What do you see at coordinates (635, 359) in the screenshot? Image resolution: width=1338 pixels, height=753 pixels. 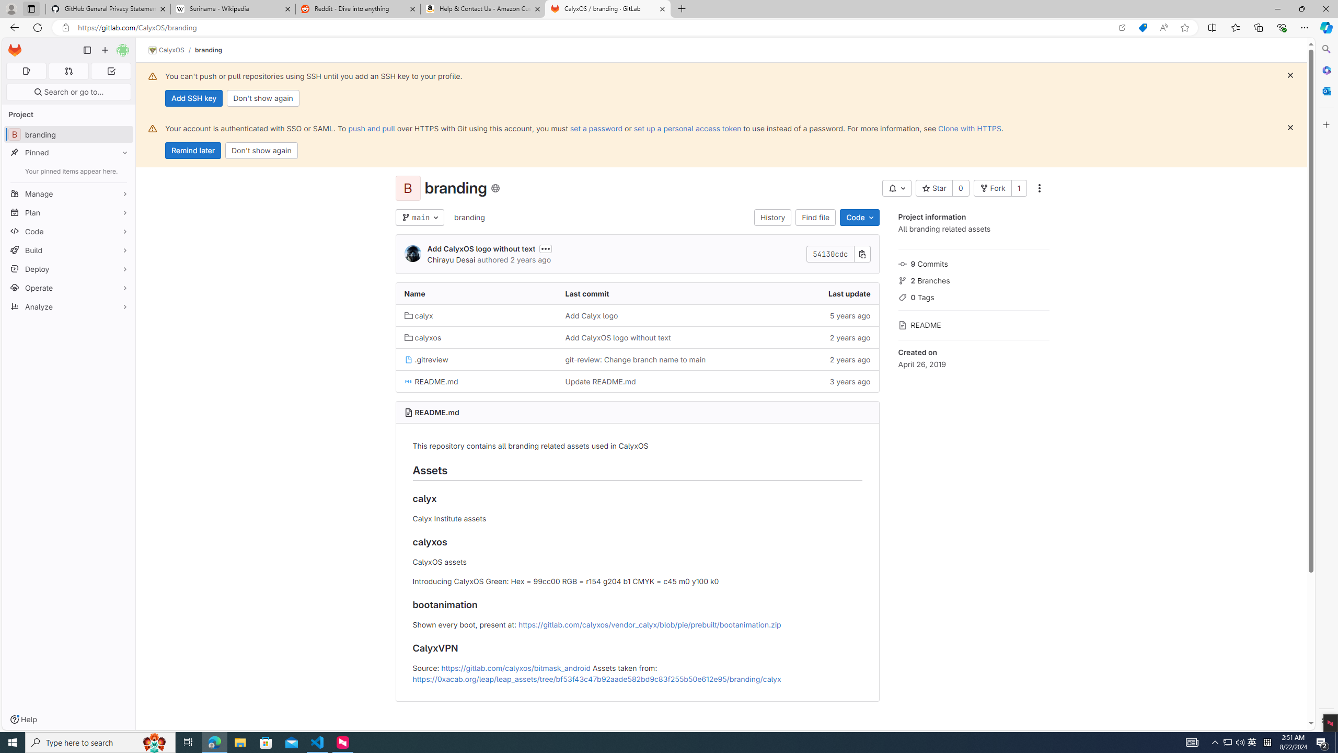 I see `'git-review: Change branch name to main'` at bounding box center [635, 359].